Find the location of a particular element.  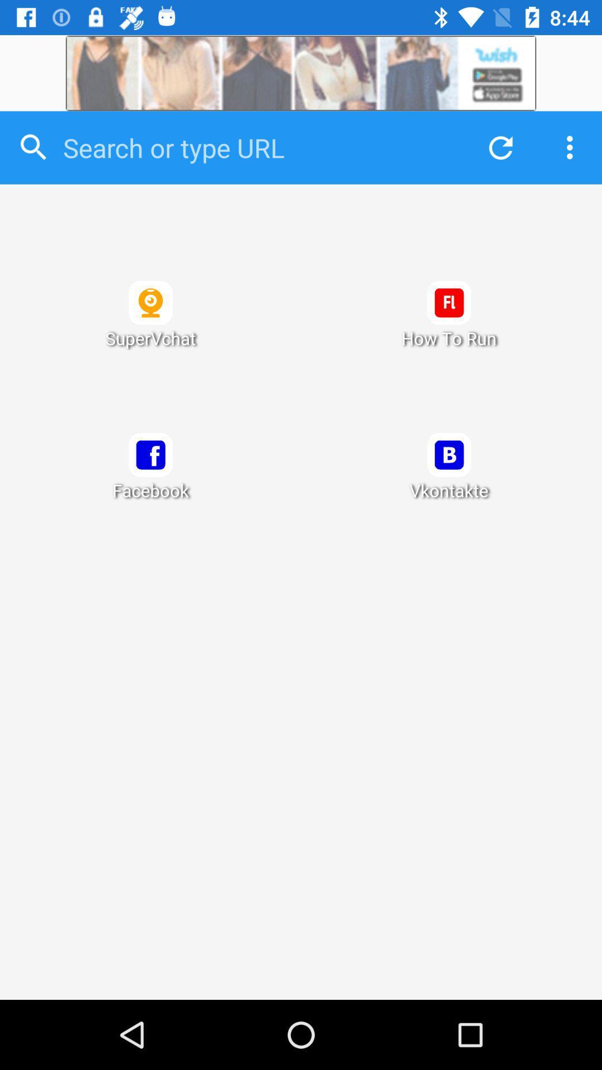

type in url is located at coordinates (257, 147).